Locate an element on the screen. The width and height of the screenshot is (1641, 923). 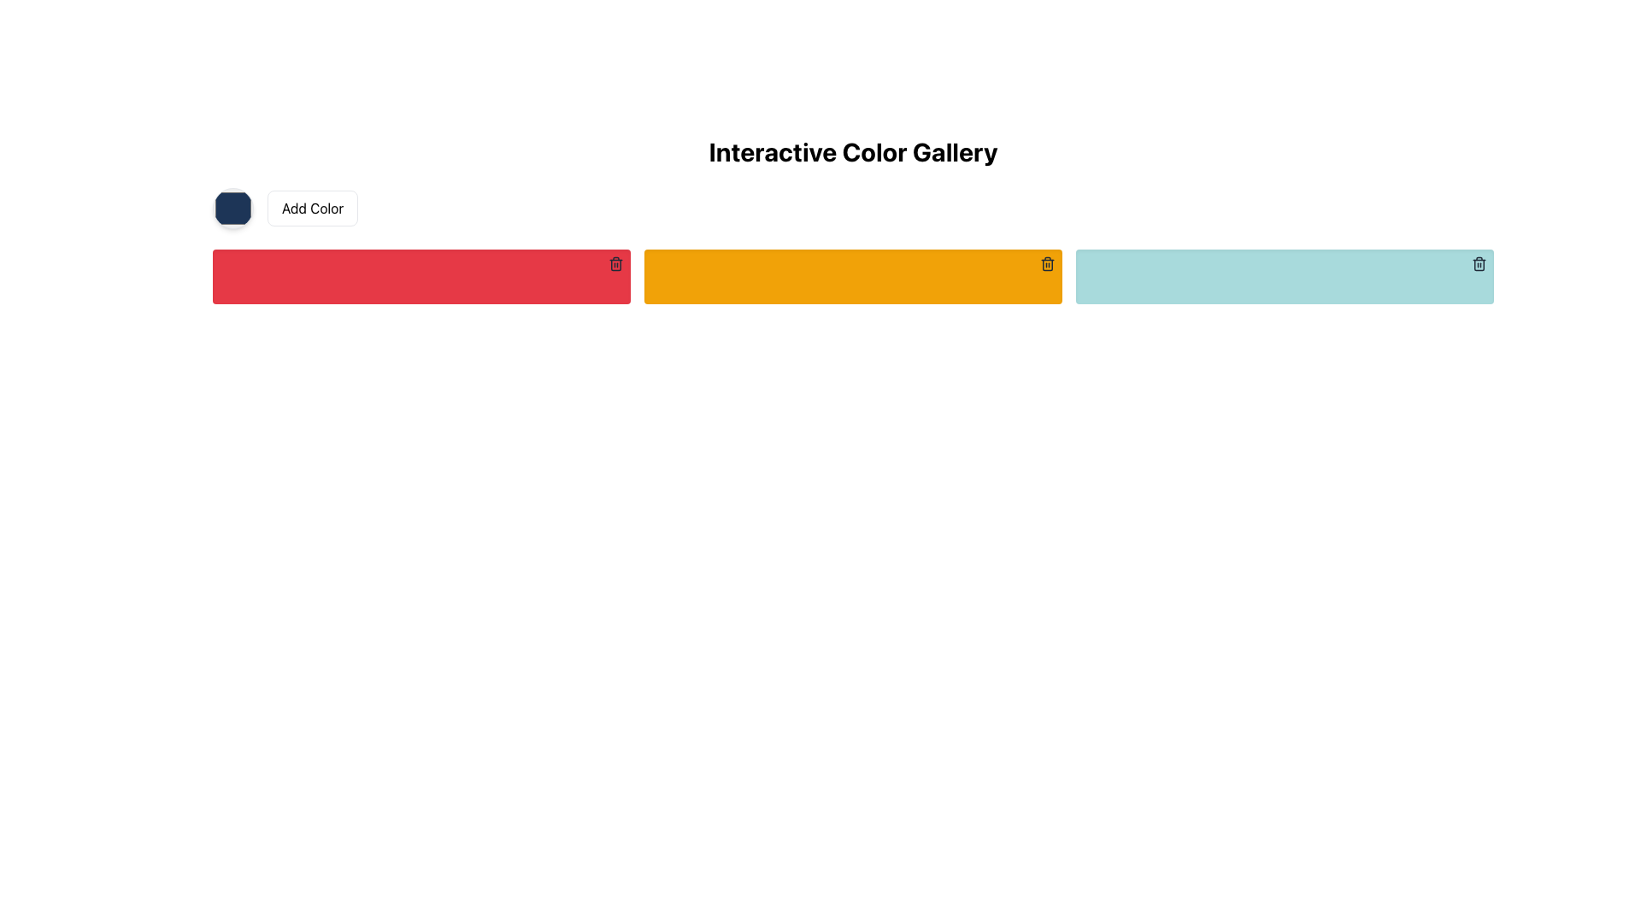
the circular color picker with a navy blue fill and a shadow effect is located at coordinates (232, 207).